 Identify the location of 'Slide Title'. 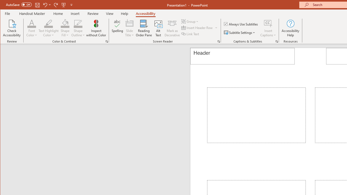
(129, 28).